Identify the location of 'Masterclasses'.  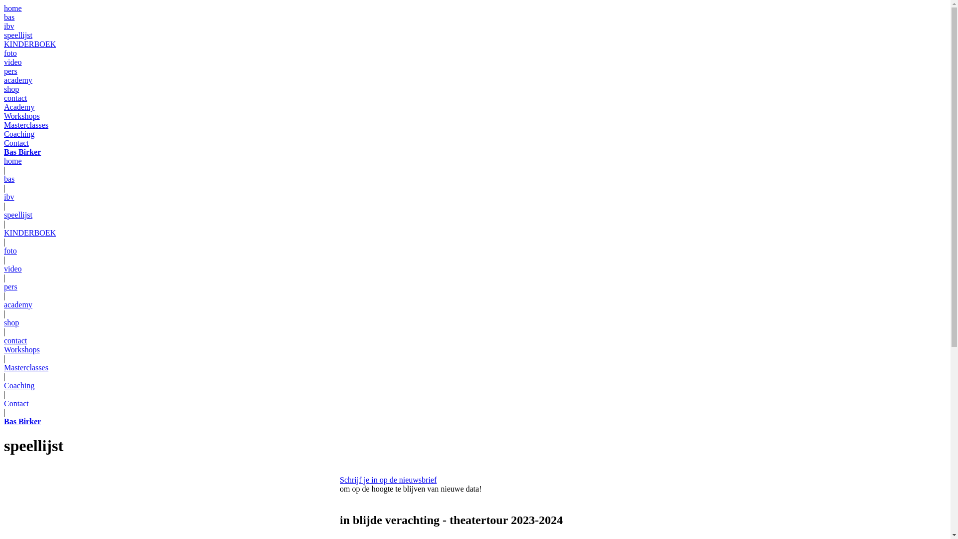
(26, 367).